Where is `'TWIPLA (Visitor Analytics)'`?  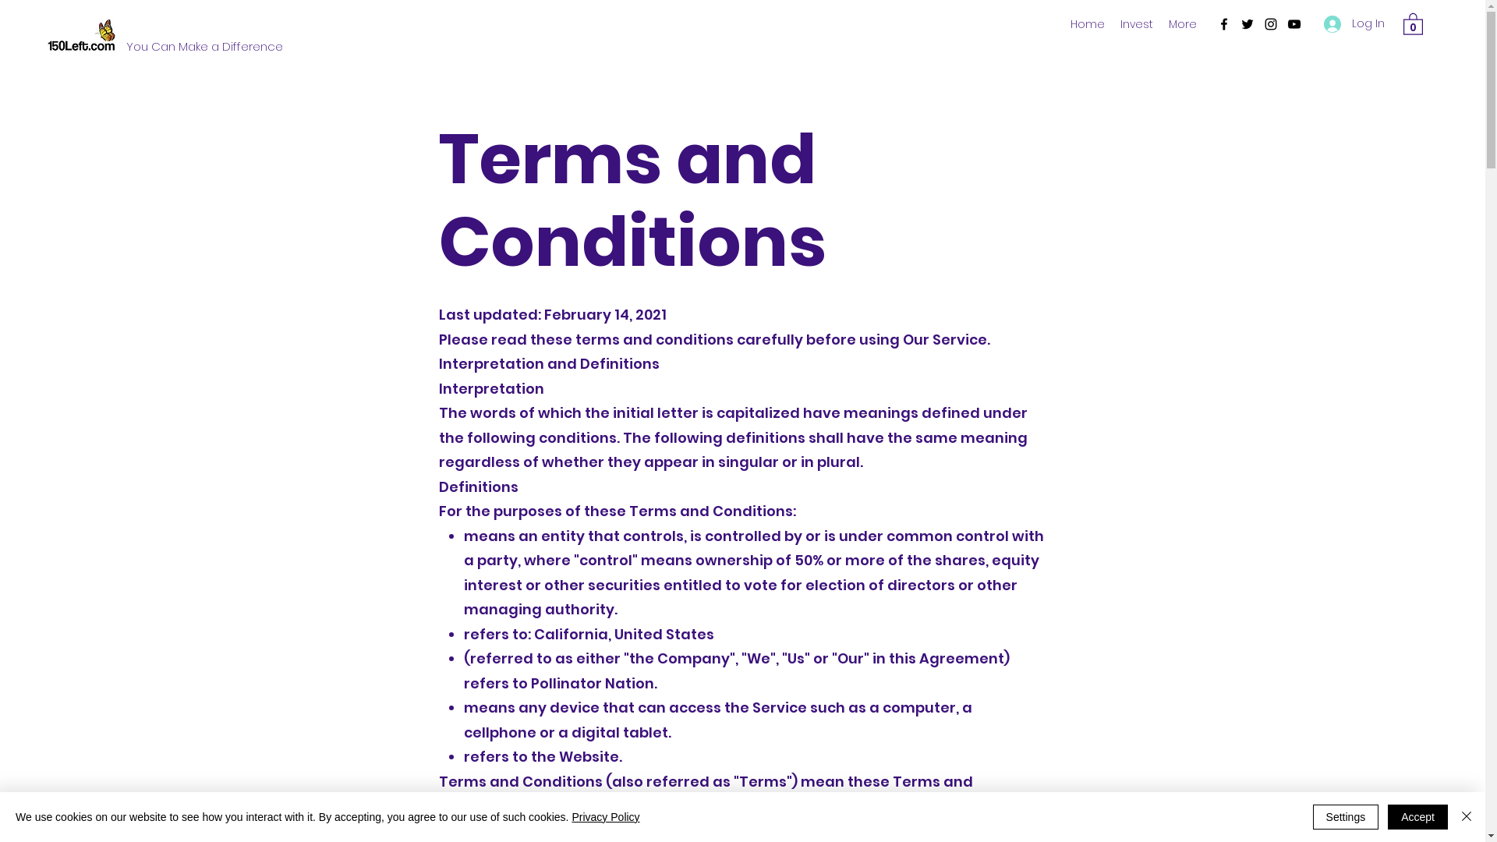 'TWIPLA (Visitor Analytics)' is located at coordinates (1481, 5).